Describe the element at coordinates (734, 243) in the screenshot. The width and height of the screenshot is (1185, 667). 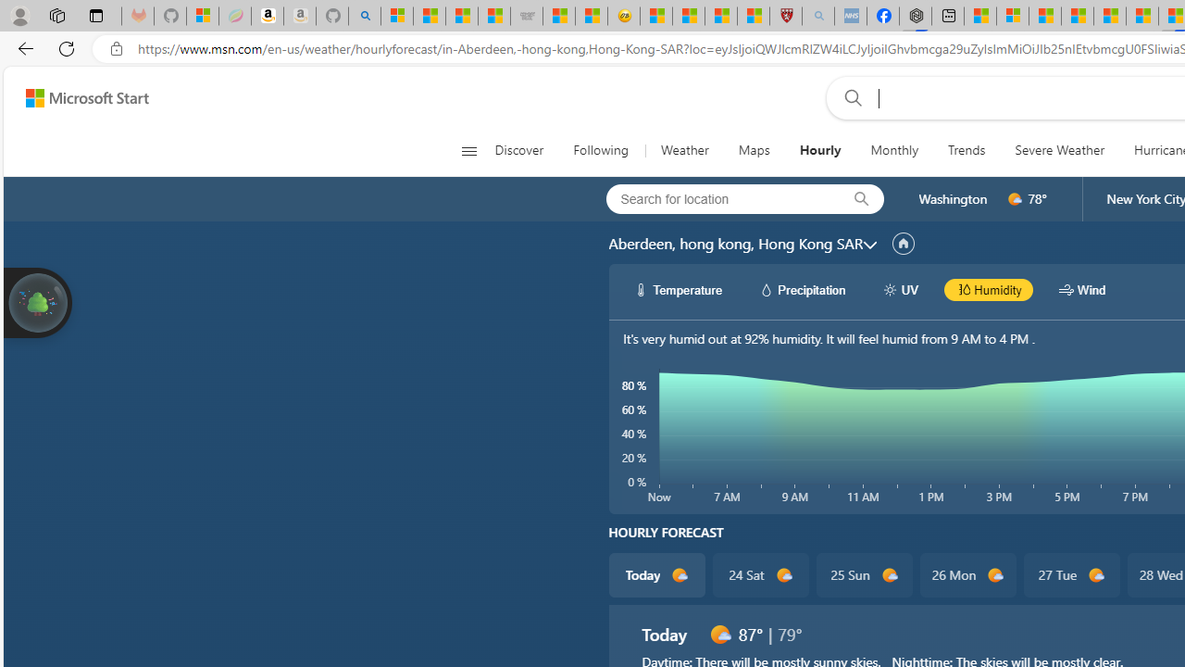
I see `'Aberdeen, hong kong, Hong Kong SAR'` at that location.